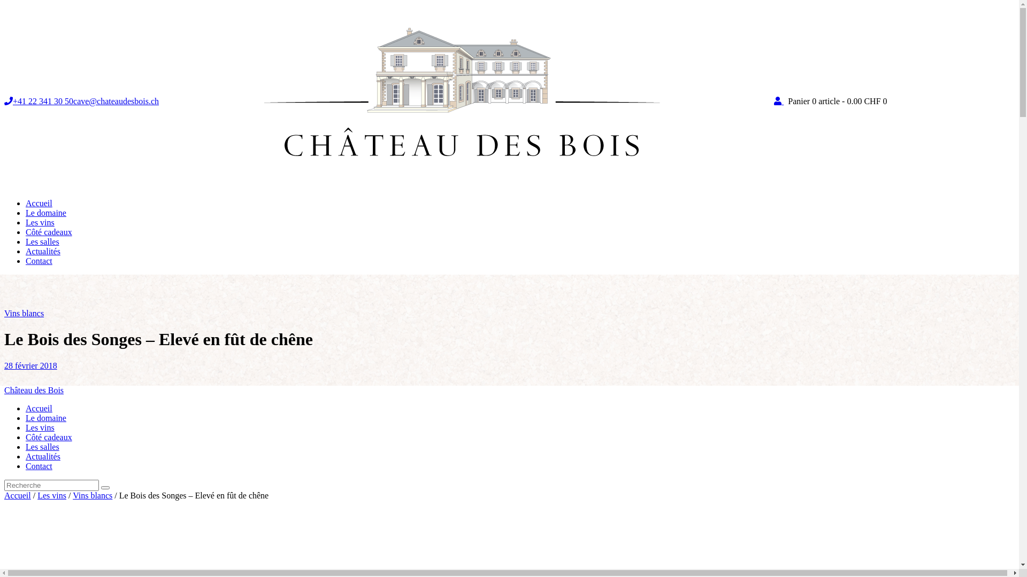 This screenshot has height=577, width=1027. What do you see at coordinates (81, 101) in the screenshot?
I see `'+41 22 341 30 50cave@chateaudesbois.ch'` at bounding box center [81, 101].